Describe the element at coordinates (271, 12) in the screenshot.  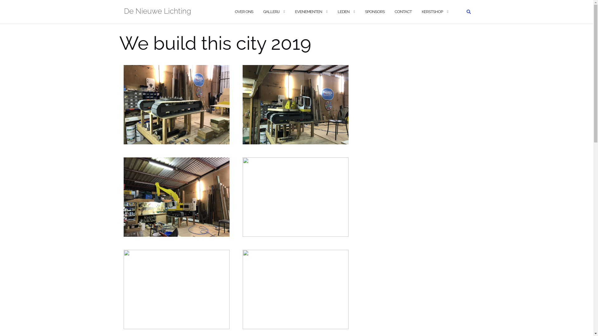
I see `'GALLERIJ'` at that location.